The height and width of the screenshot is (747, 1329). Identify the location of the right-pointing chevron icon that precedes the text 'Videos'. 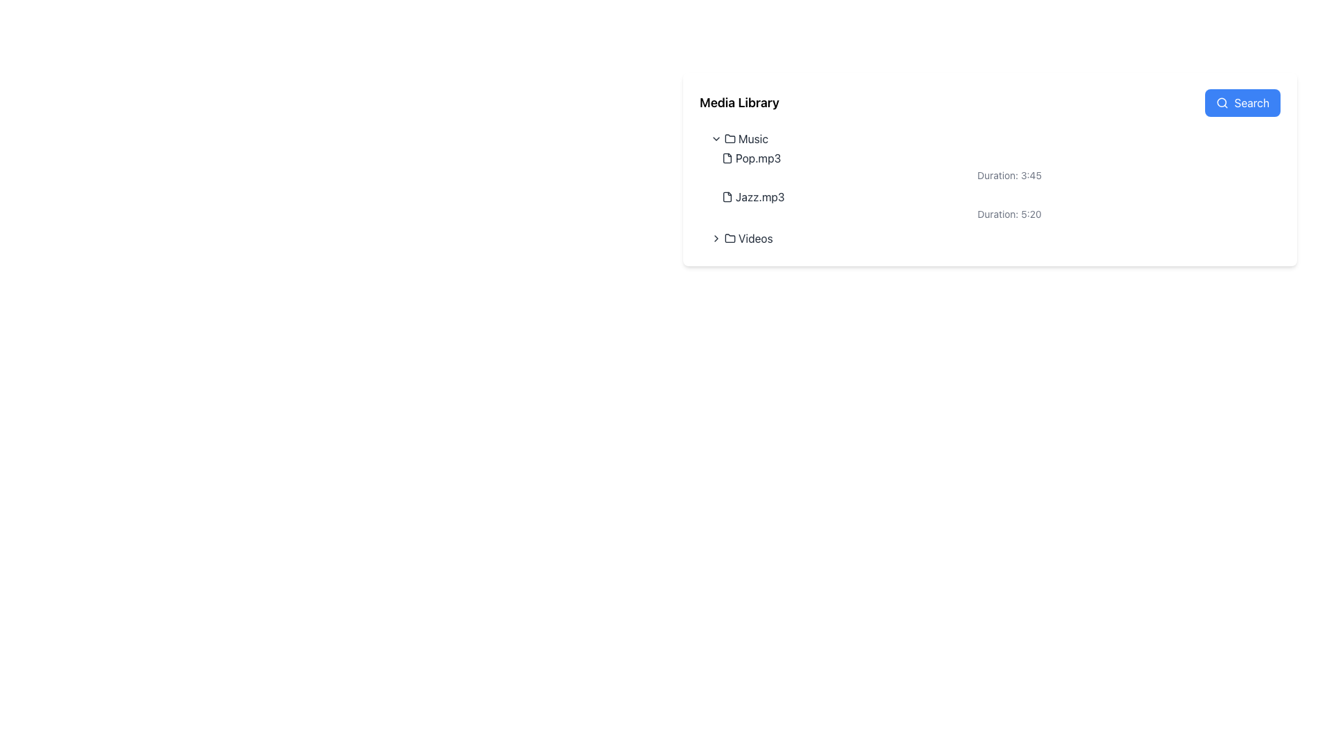
(716, 237).